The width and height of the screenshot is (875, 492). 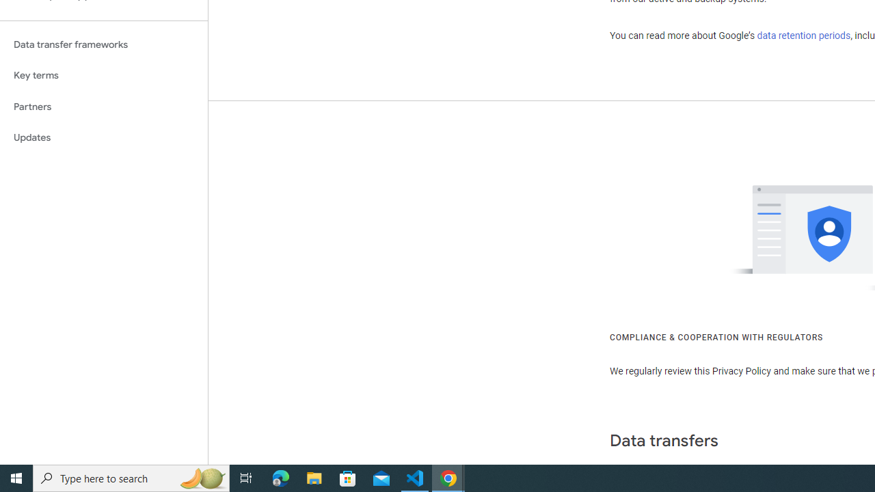 What do you see at coordinates (414, 477) in the screenshot?
I see `'Visual Studio Code - 1 running window'` at bounding box center [414, 477].